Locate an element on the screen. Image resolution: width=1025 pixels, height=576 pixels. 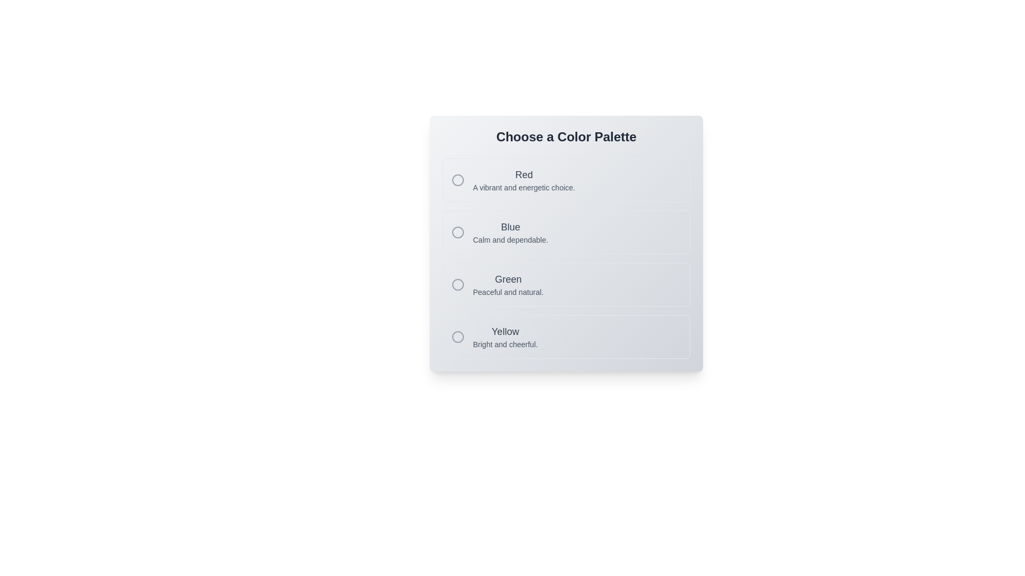
the text block that displays 'Green' and 'Peaceful and natural.' within the third selectable option for the color palette is located at coordinates (508, 284).